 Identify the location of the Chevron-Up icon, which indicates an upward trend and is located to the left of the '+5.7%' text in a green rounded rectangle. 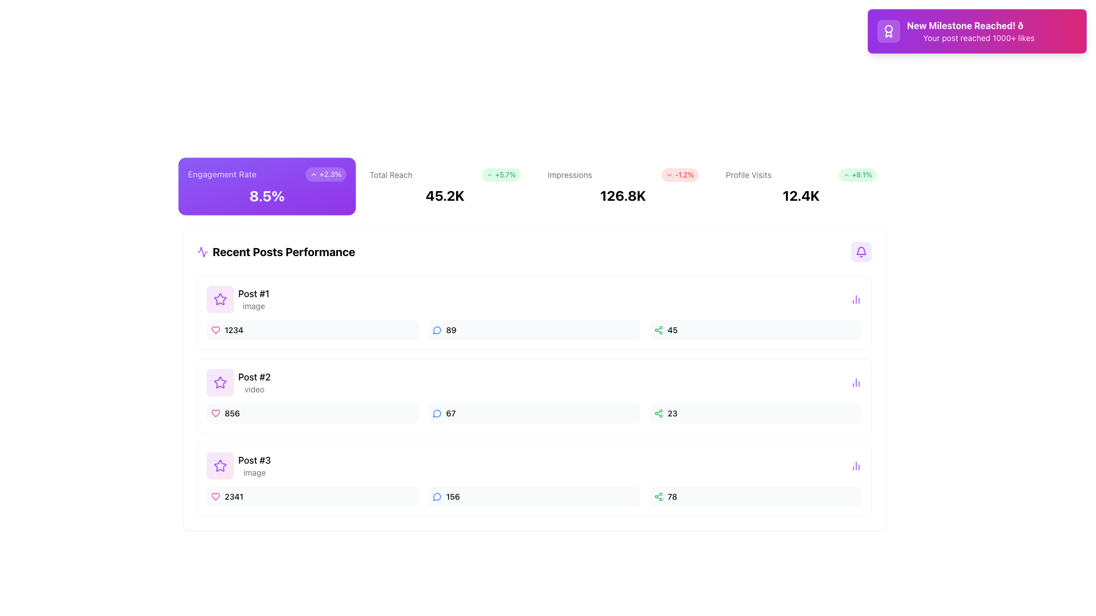
(489, 175).